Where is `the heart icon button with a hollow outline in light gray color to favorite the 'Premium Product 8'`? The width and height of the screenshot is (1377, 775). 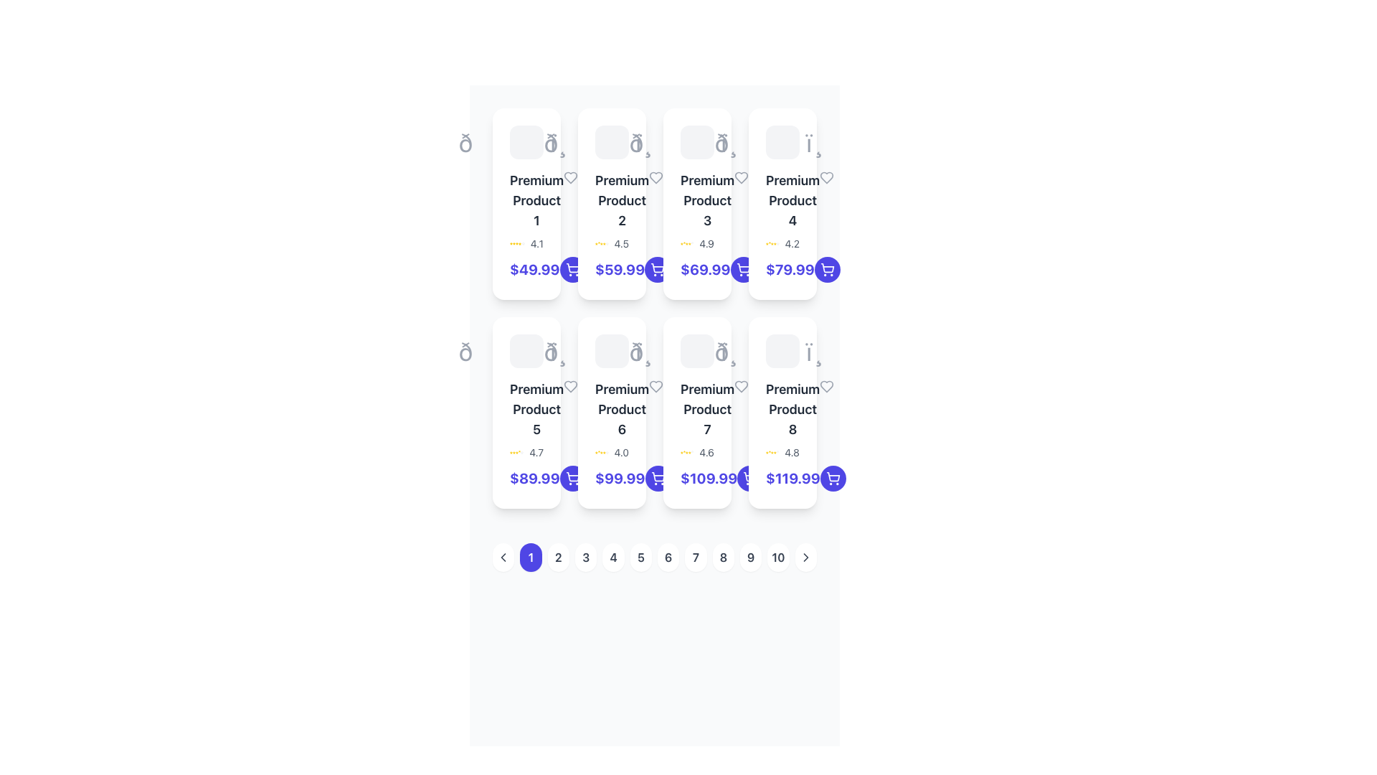 the heart icon button with a hollow outline in light gray color to favorite the 'Premium Product 8' is located at coordinates (827, 386).